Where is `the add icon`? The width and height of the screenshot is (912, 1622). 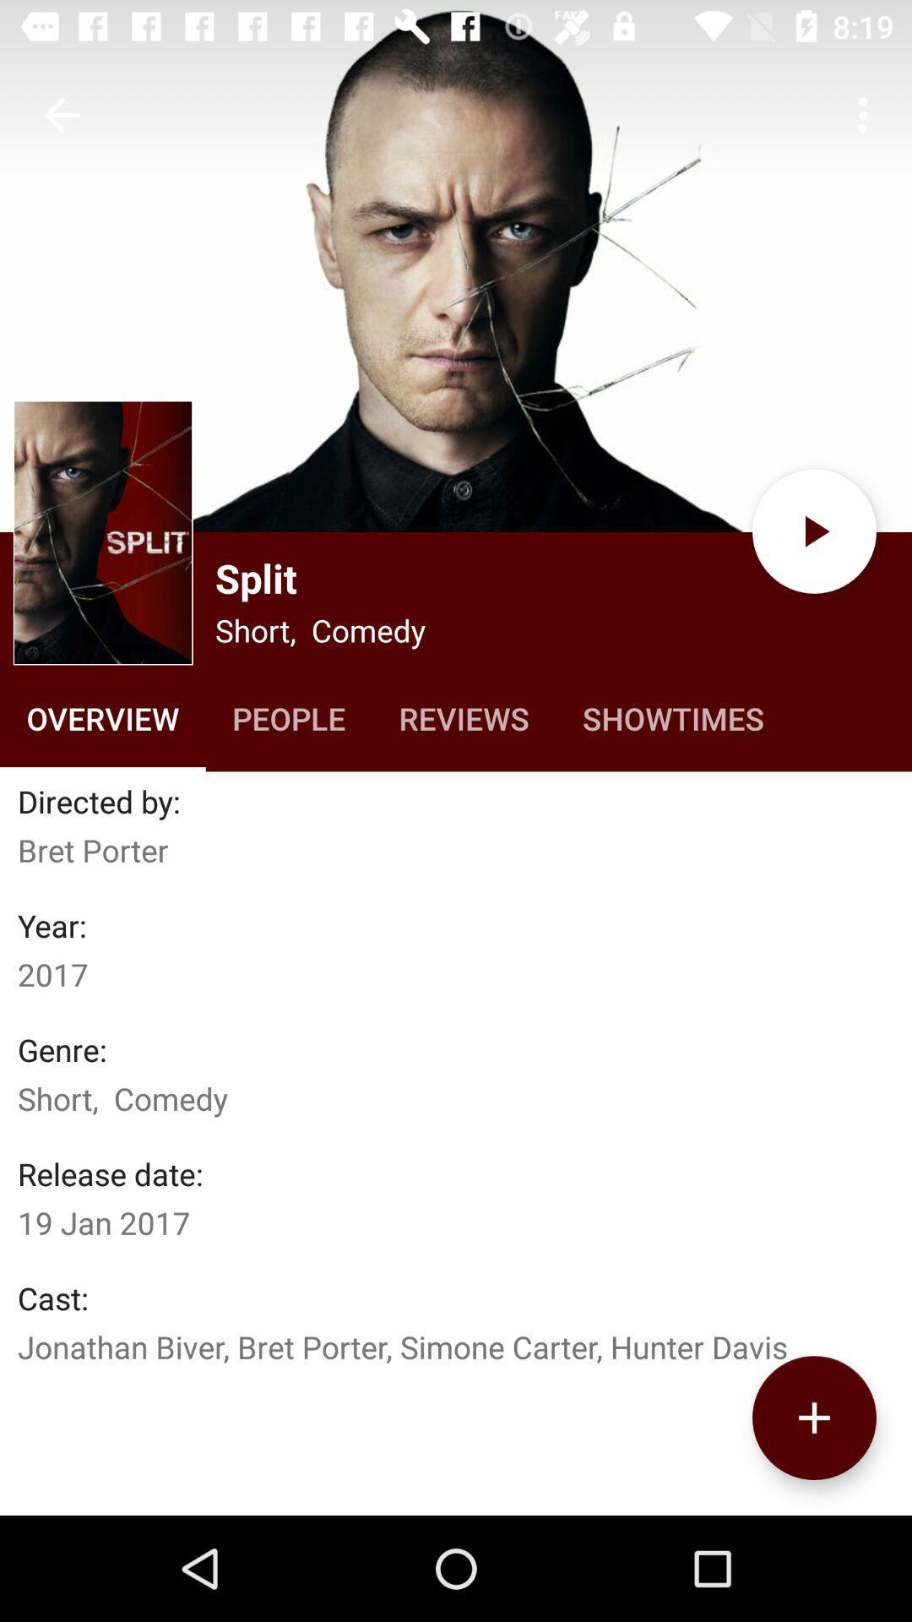
the add icon is located at coordinates (813, 1418).